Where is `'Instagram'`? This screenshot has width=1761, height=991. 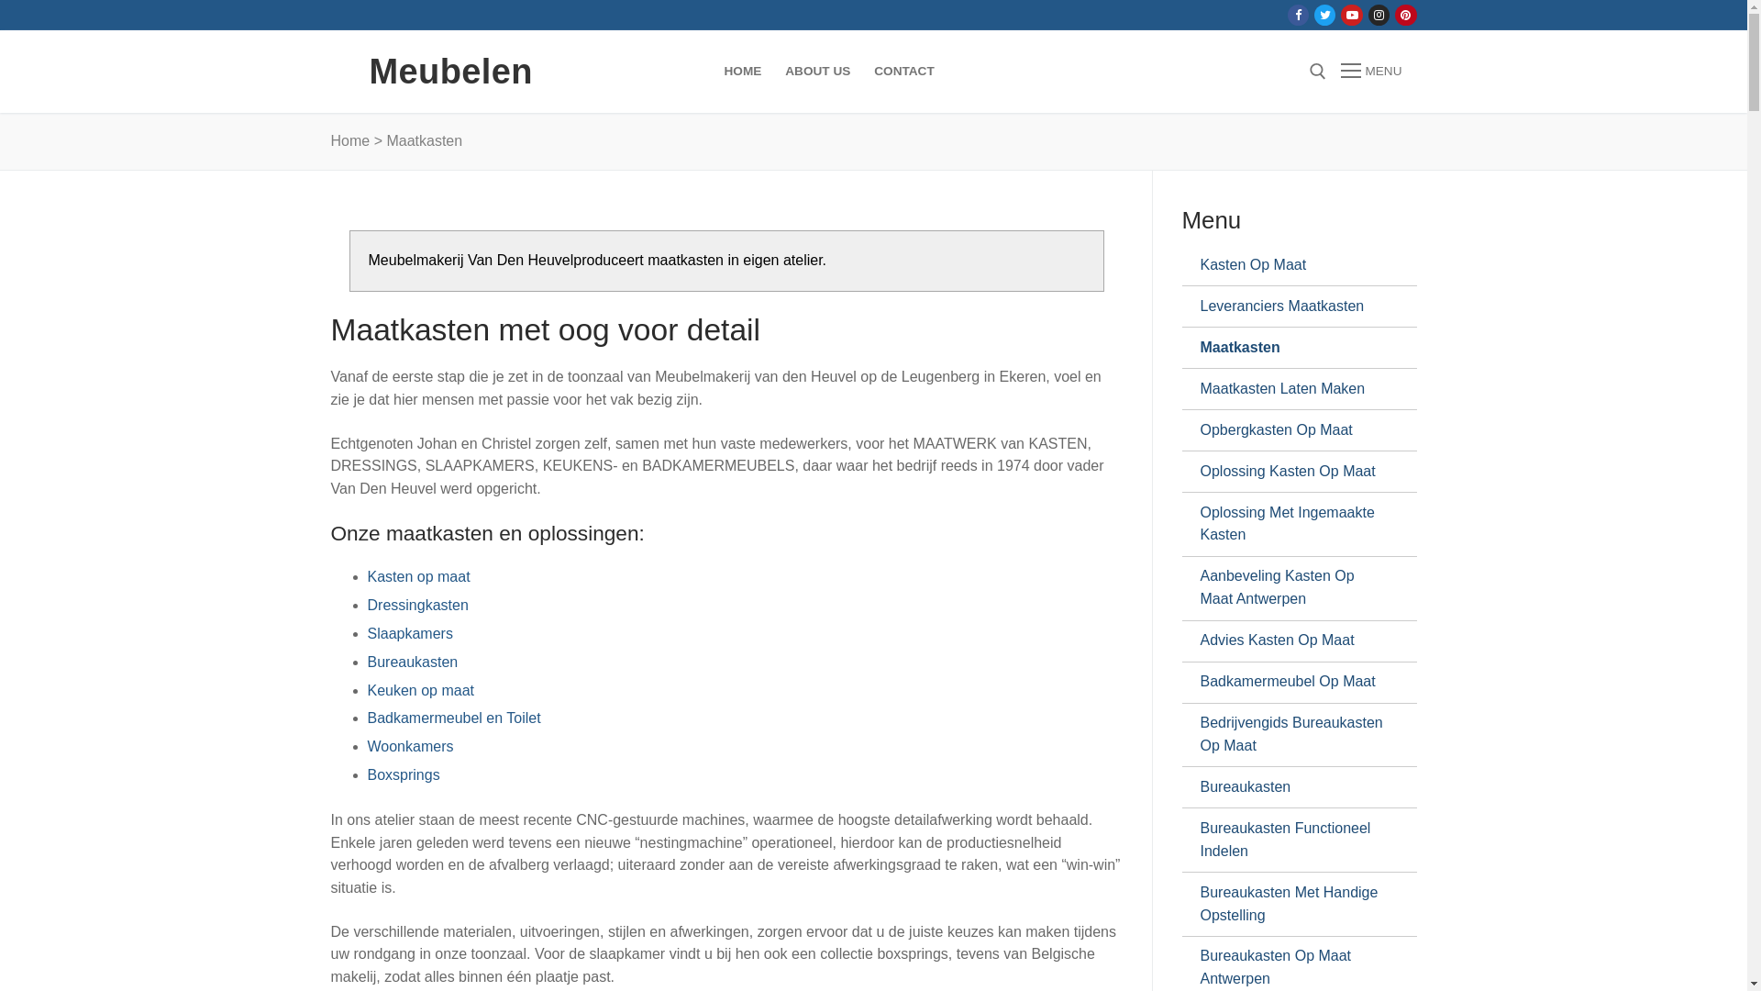 'Instagram' is located at coordinates (1373, 15).